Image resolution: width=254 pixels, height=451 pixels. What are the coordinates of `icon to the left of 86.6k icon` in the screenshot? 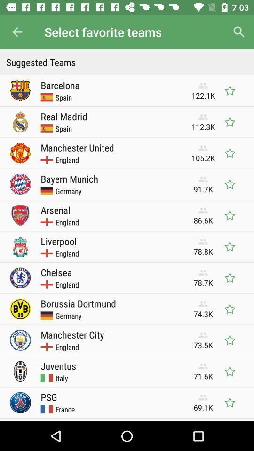 It's located at (56, 210).